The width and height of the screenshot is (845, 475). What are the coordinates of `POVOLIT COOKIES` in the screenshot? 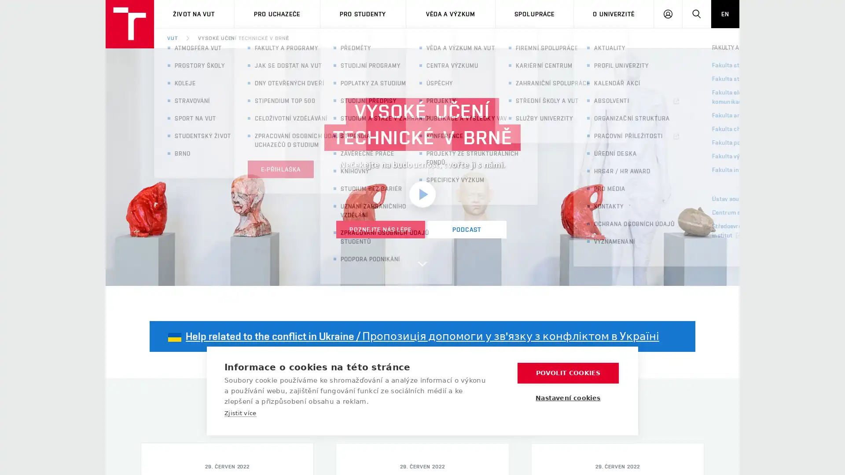 It's located at (568, 373).